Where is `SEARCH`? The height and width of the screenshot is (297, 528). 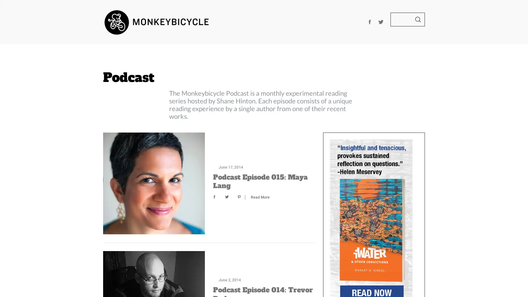
SEARCH is located at coordinates (418, 19).